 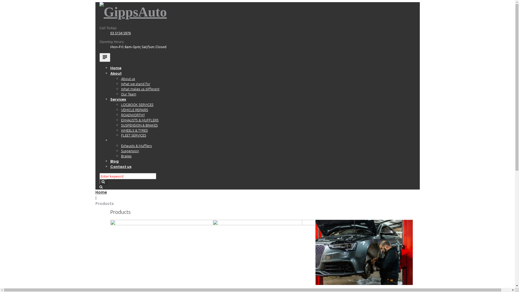 What do you see at coordinates (139, 125) in the screenshot?
I see `'SUSPENSION & BRAKES'` at bounding box center [139, 125].